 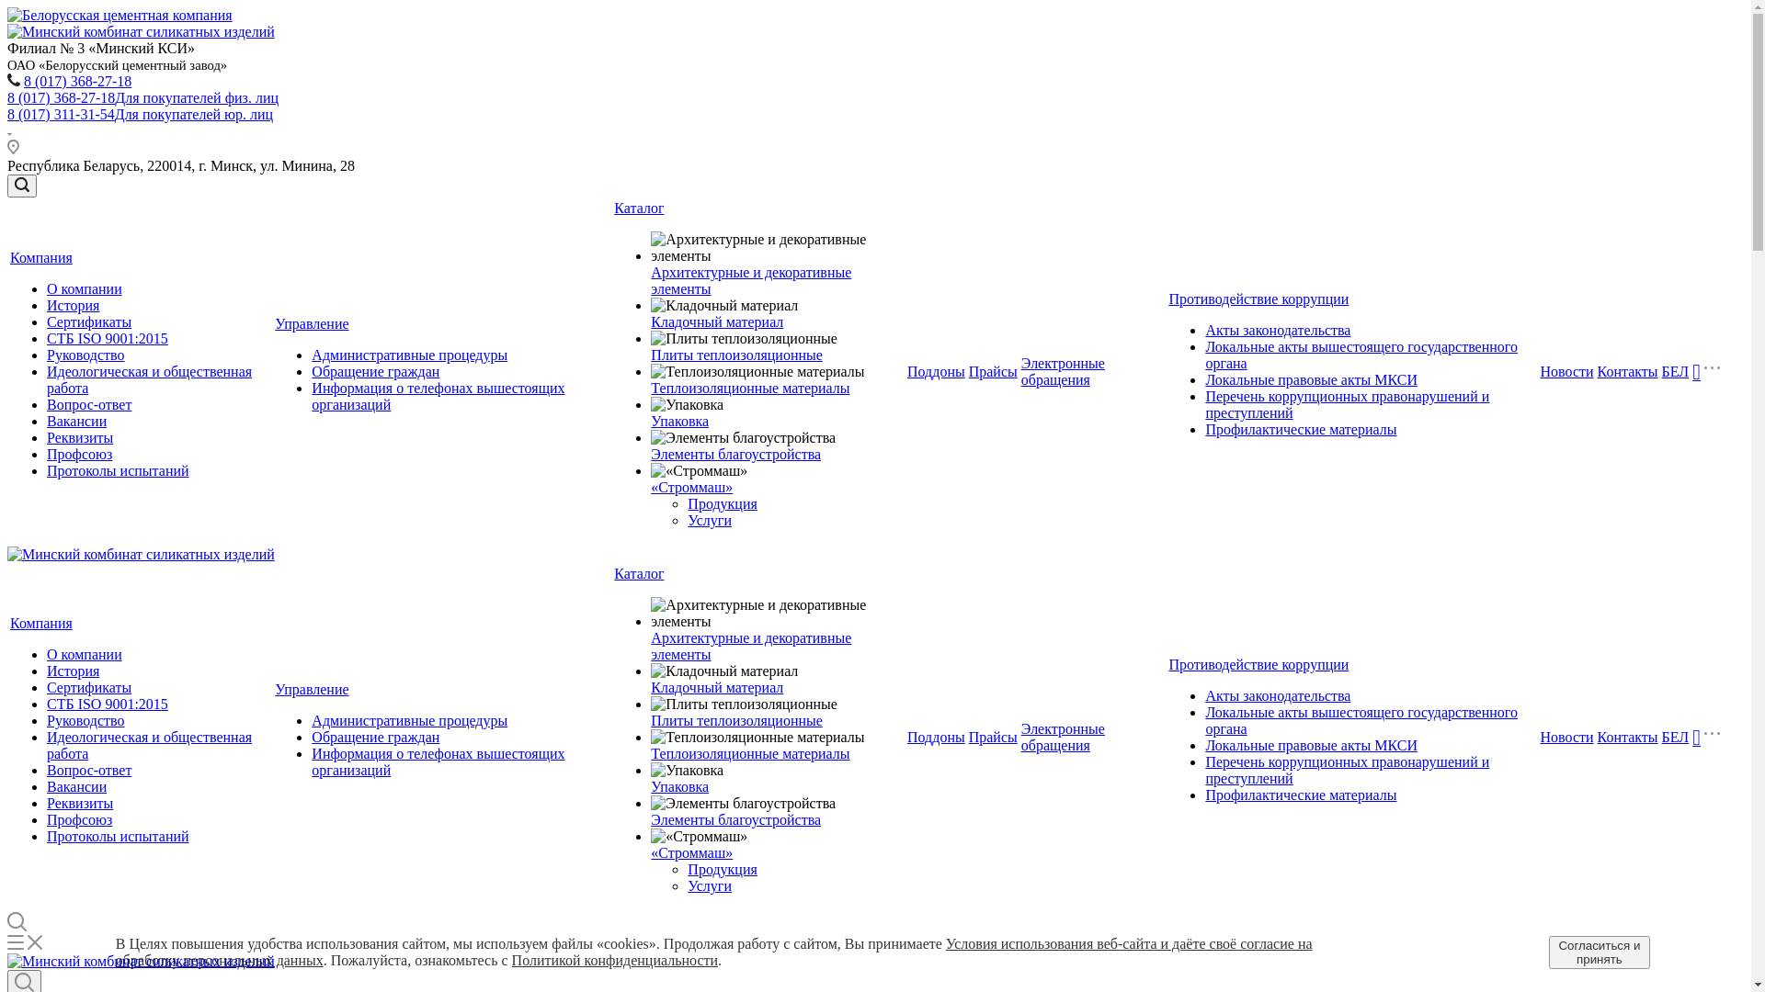 What do you see at coordinates (76, 80) in the screenshot?
I see `'8 (017) 368-27-18'` at bounding box center [76, 80].